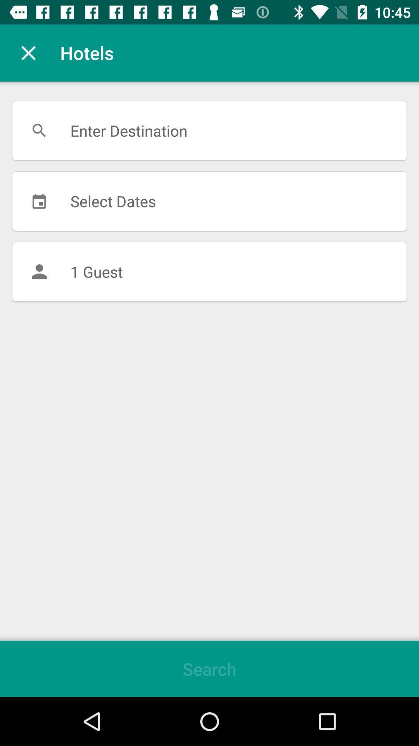 This screenshot has width=419, height=746. I want to click on select dates item, so click(209, 201).